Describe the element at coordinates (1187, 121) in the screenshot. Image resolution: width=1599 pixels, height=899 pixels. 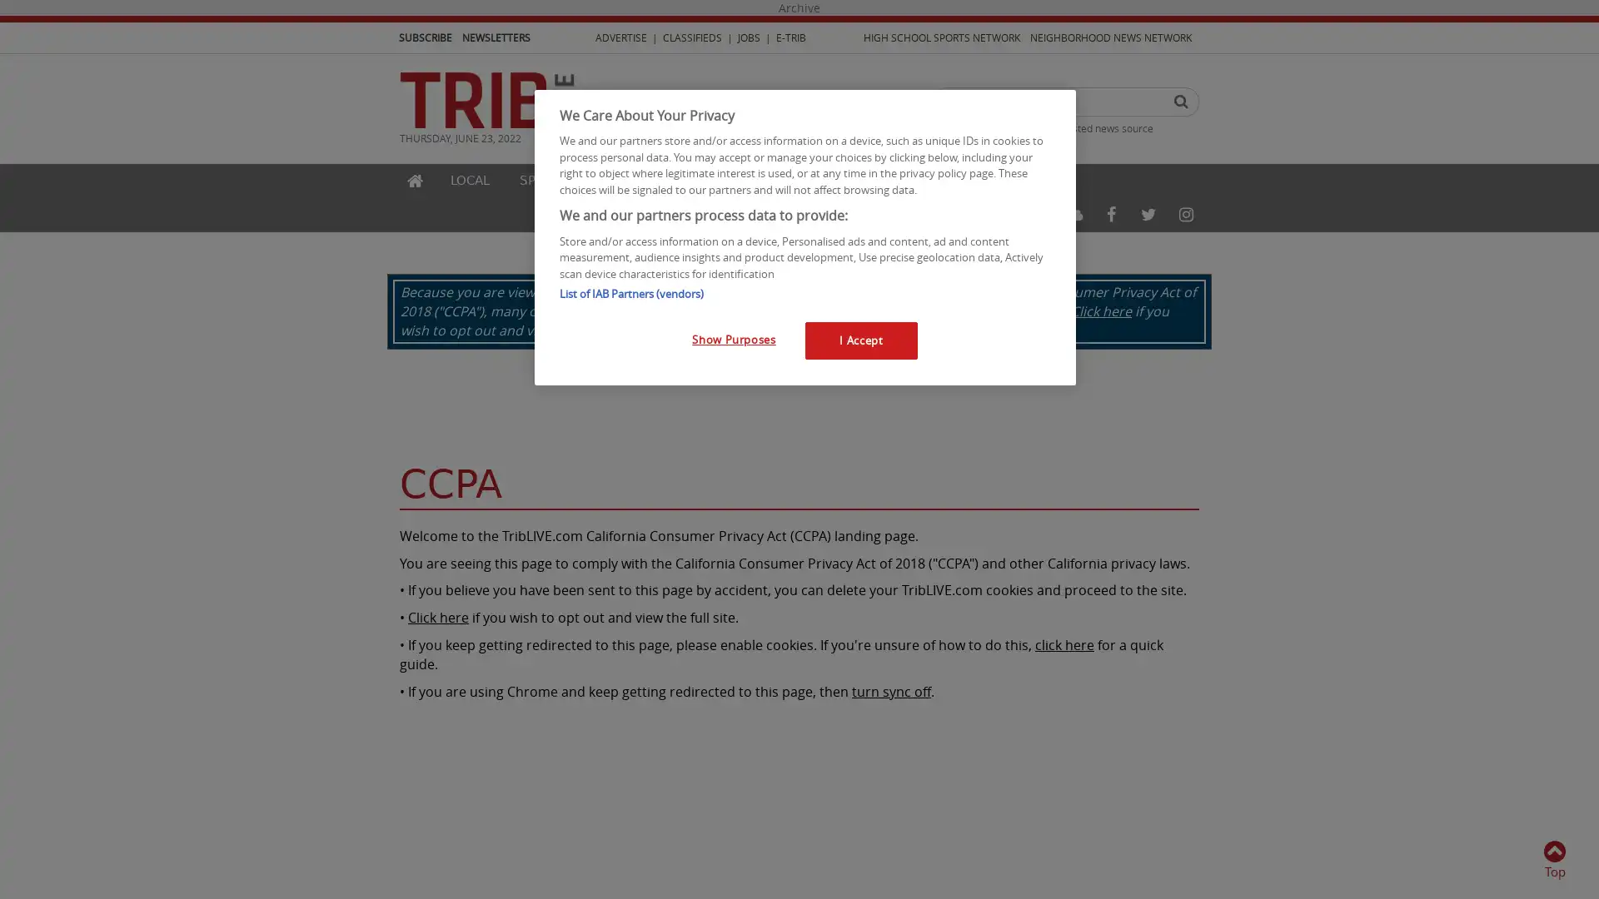
I see `Search` at that location.